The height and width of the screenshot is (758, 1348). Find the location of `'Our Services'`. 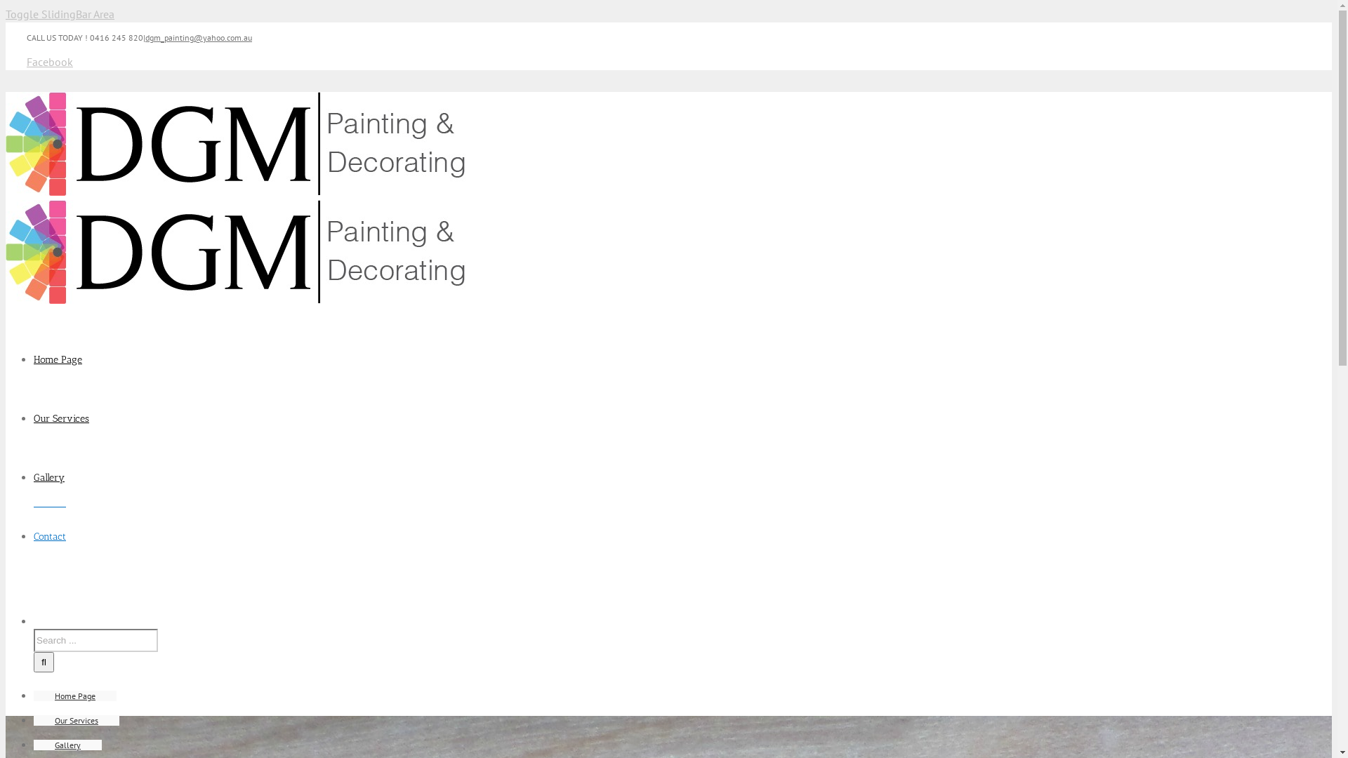

'Our Services' is located at coordinates (60, 418).